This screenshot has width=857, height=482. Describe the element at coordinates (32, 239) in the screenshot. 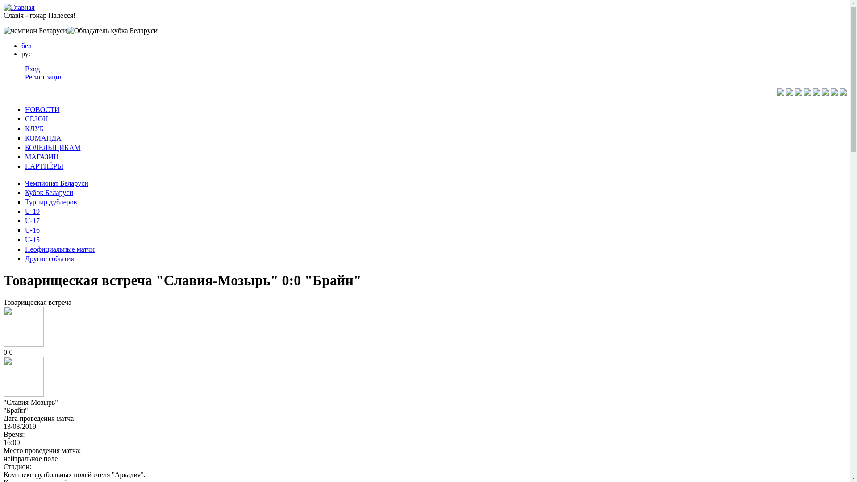

I see `'U-15'` at that location.